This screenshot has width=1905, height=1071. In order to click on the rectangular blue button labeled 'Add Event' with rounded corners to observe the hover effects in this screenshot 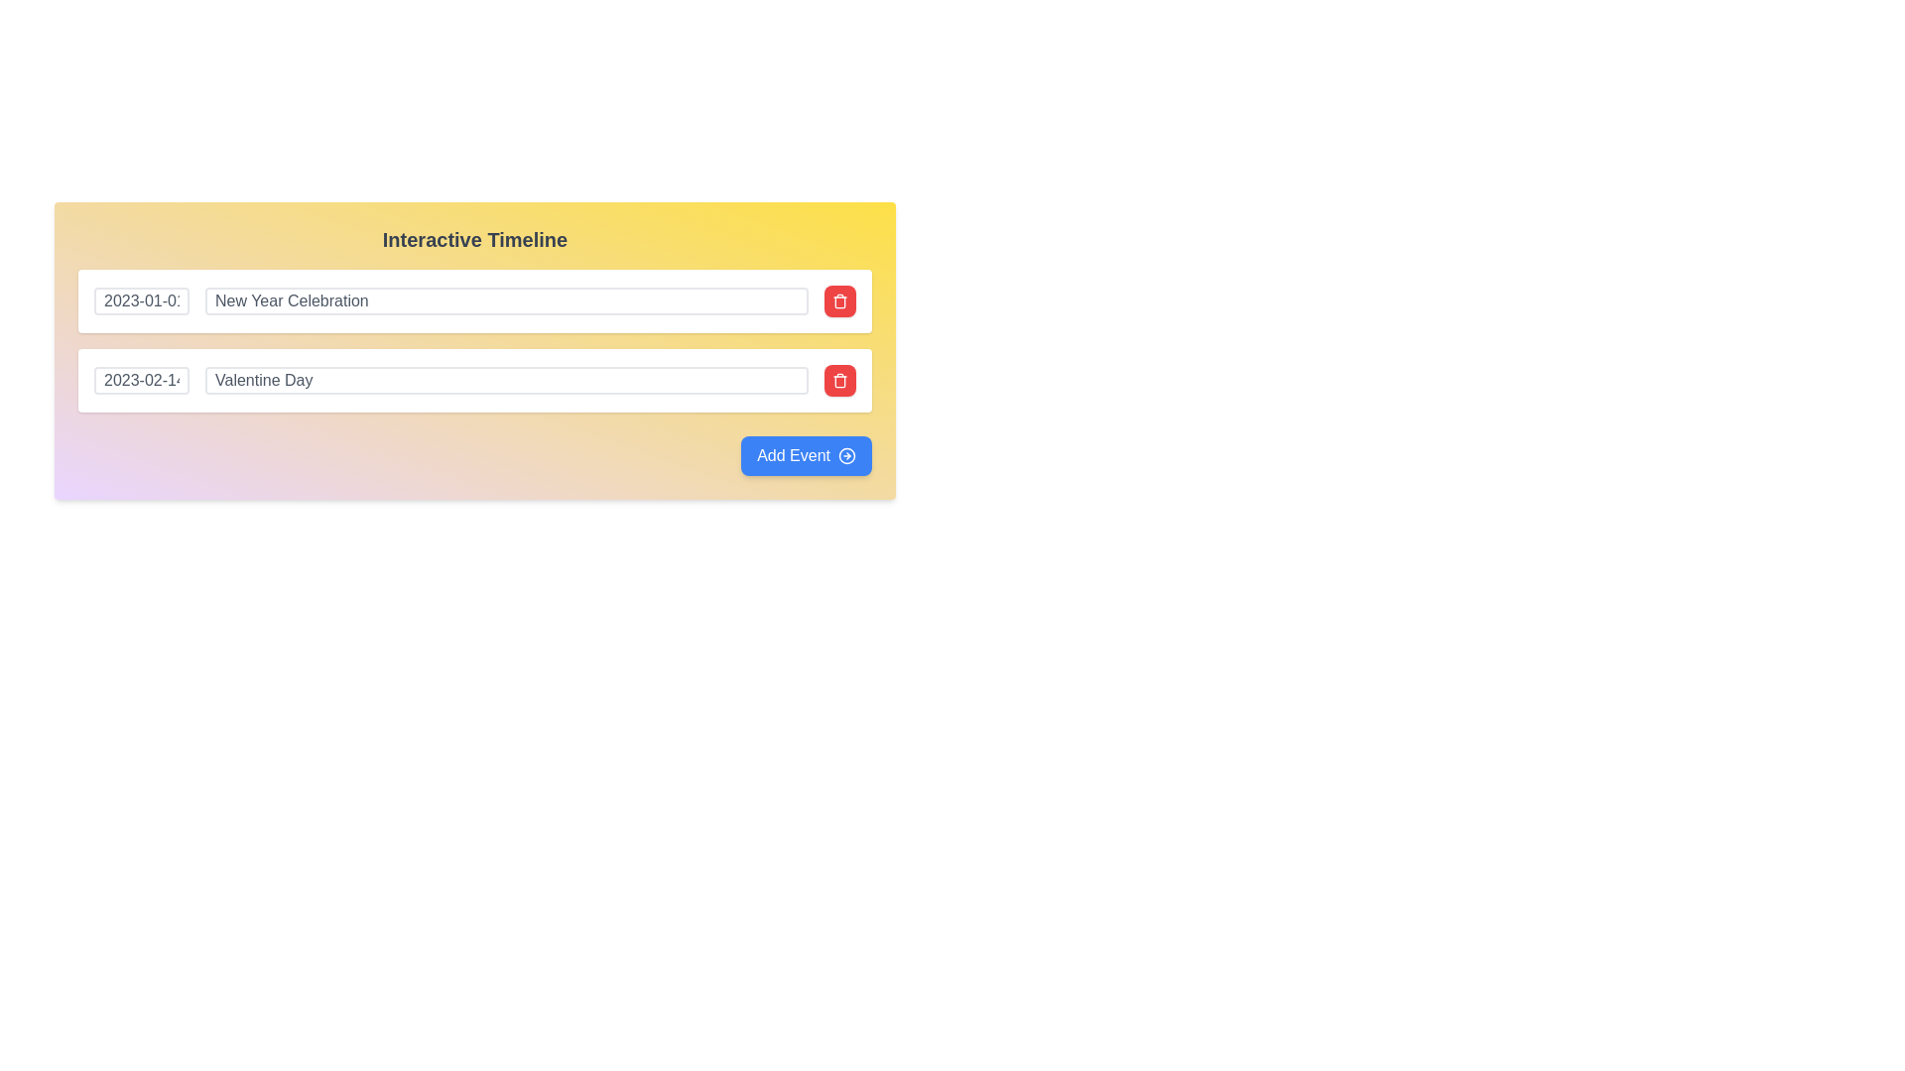, I will do `click(807, 455)`.